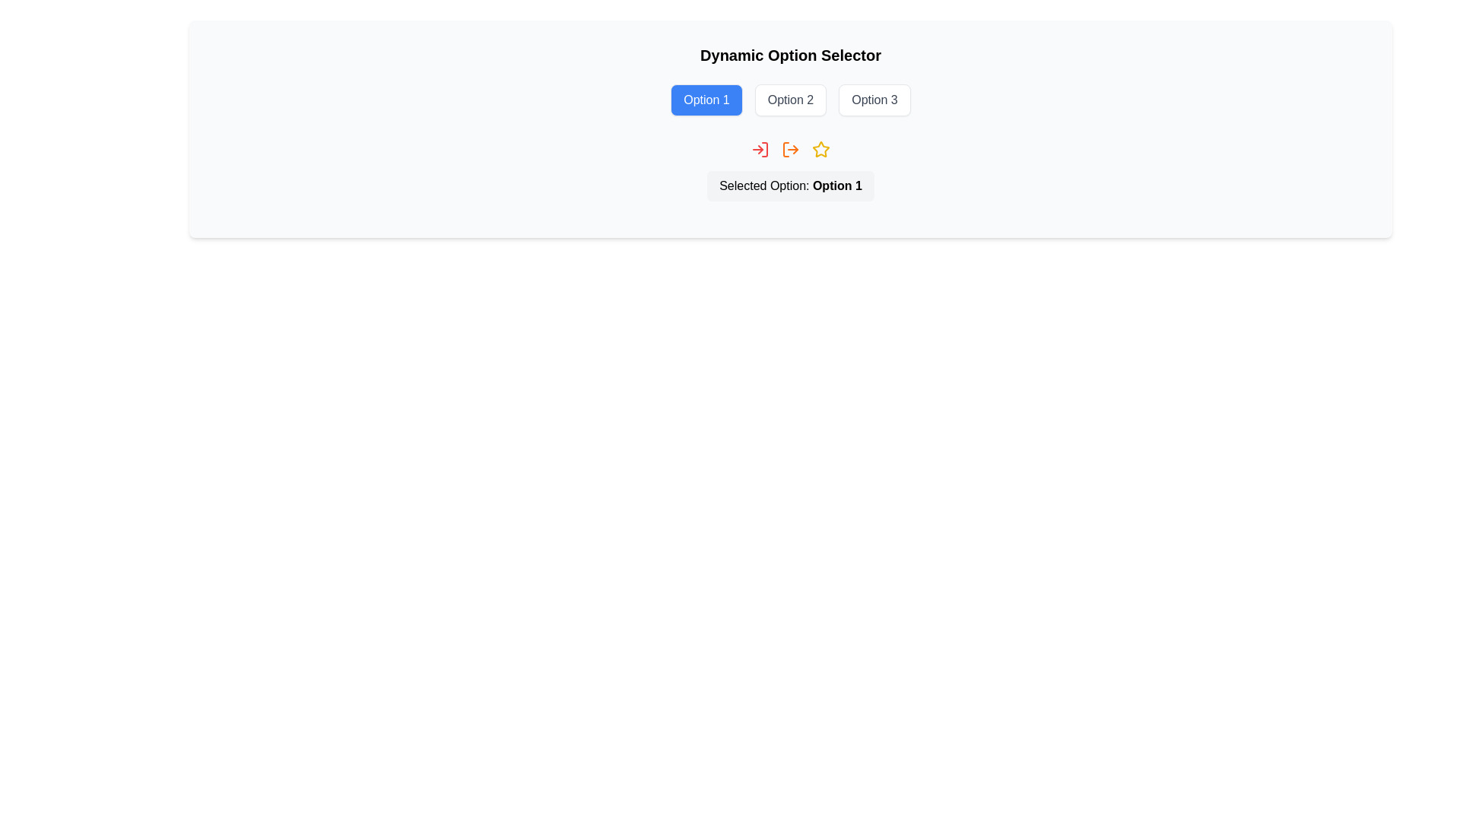 This screenshot has width=1460, height=821. What do you see at coordinates (820, 149) in the screenshot?
I see `the yellow star-shaped icon with a hollow center located in the horizontal row of icons beneath the 'Option 1', 'Option 2', and 'Option 3' buttons` at bounding box center [820, 149].